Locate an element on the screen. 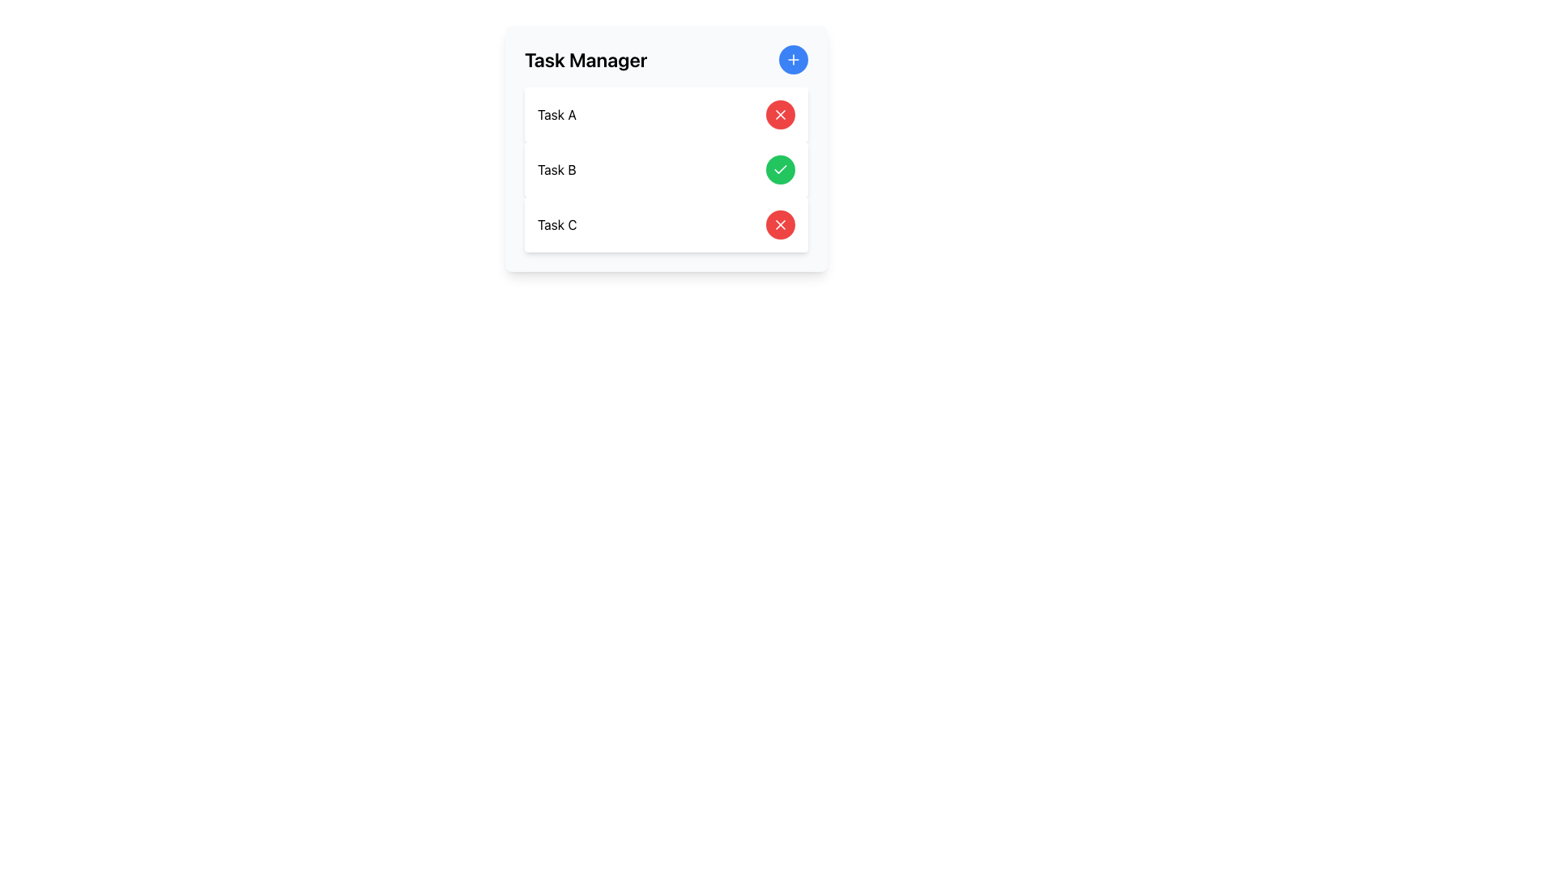 This screenshot has height=874, width=1555. the label displaying 'Task A', which is the first item in the vertical list within the 'Task Manager' card and aligned with a red circular button on its right side is located at coordinates (556, 114).